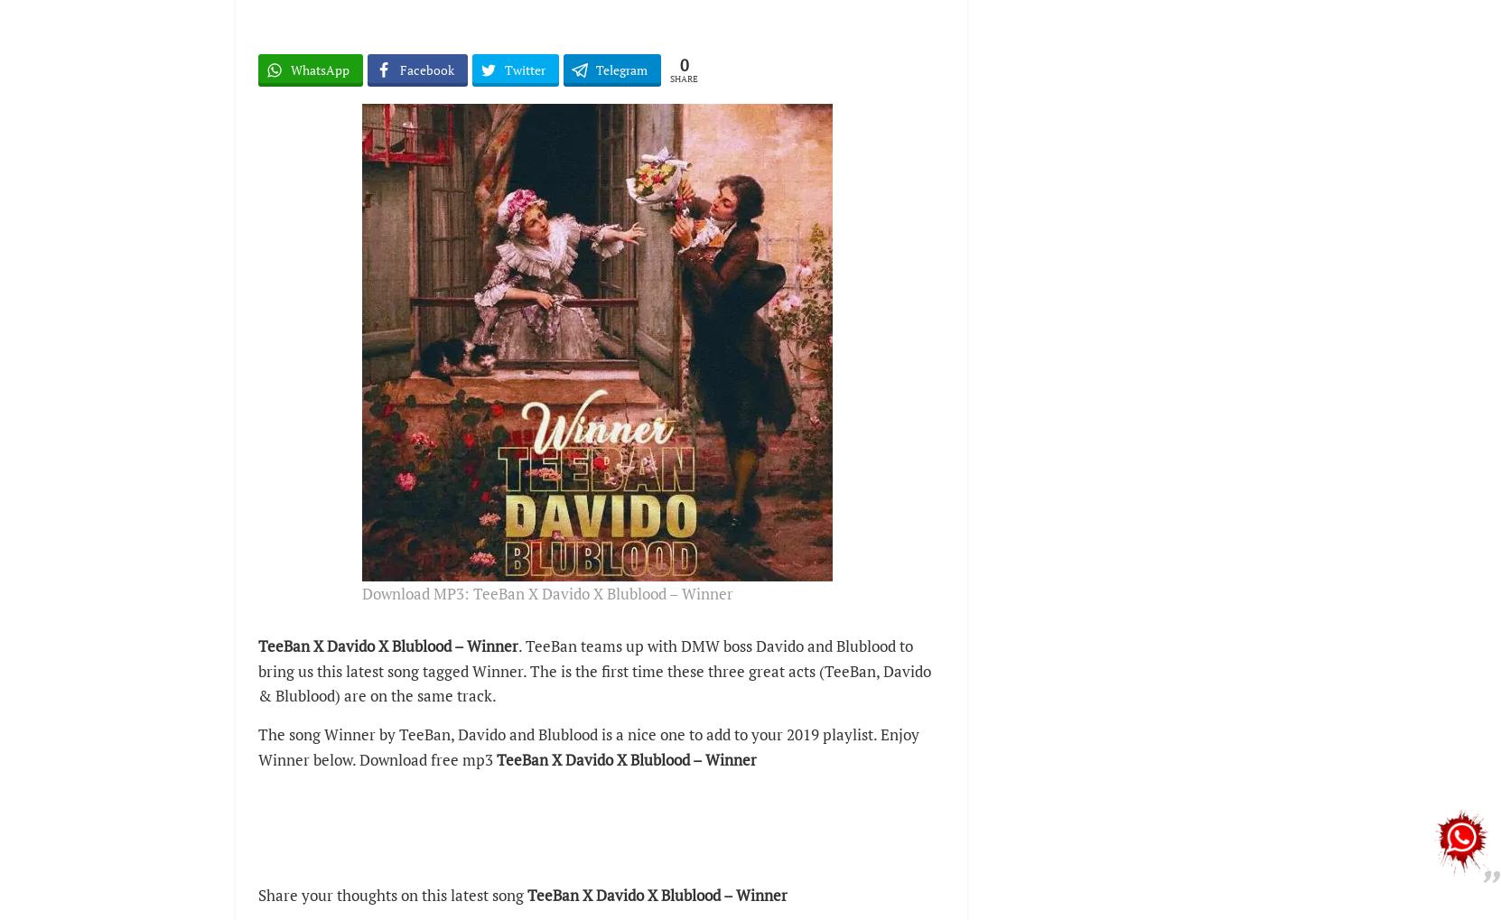  What do you see at coordinates (589, 747) in the screenshot?
I see `'The song Winner by TeeBan, Davido and Blublood is a nice one to add to your 2019 playlist. Enjoy Winner below. Download free mp3'` at bounding box center [589, 747].